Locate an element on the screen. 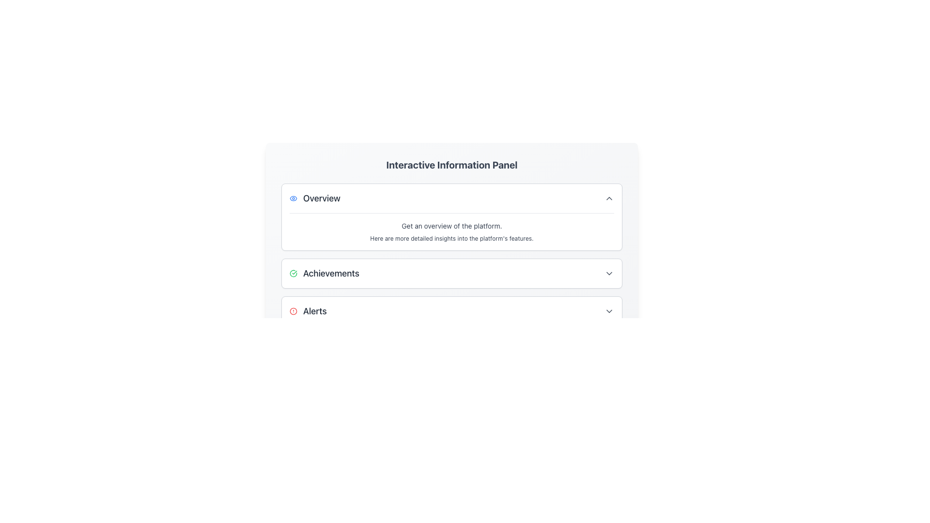  the 'Overview' section, which consists of a blue eye-shaped icon on the left and bold black text on the right, located at the top of the list in the 'Interactive Information Panel' is located at coordinates (315, 198).